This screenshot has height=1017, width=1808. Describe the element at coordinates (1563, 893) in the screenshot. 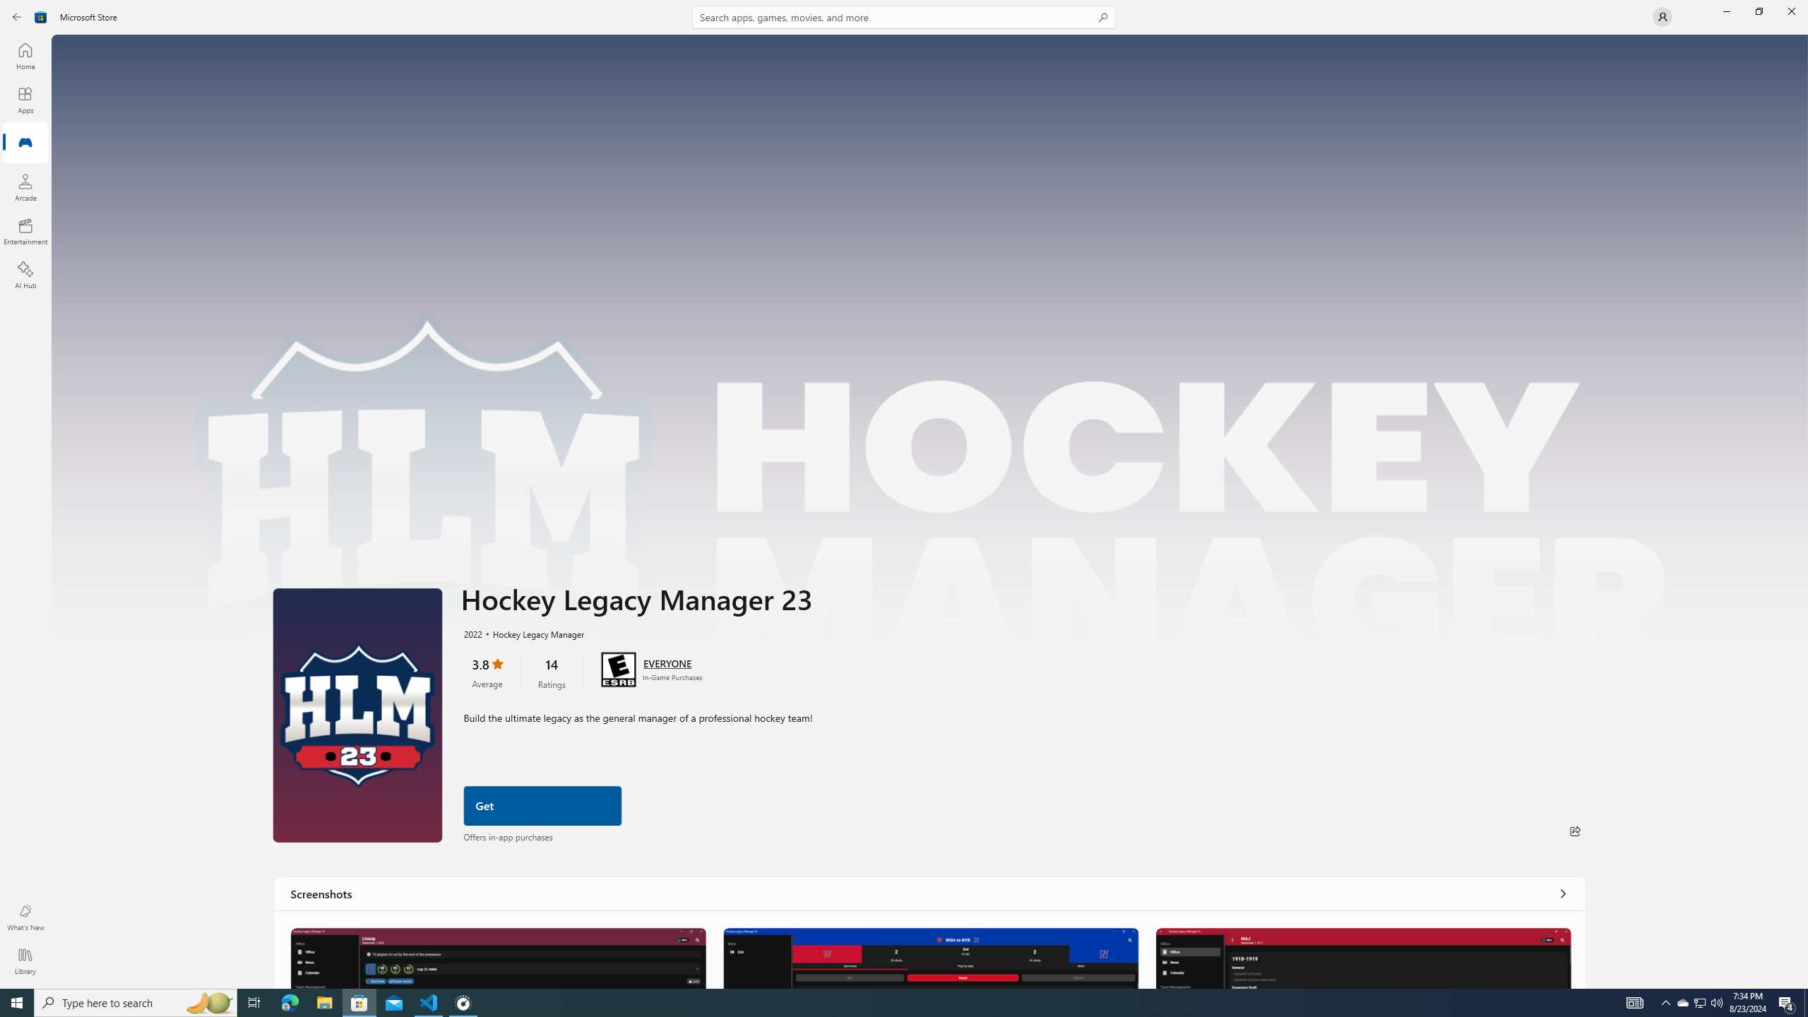

I see `'See all'` at that location.